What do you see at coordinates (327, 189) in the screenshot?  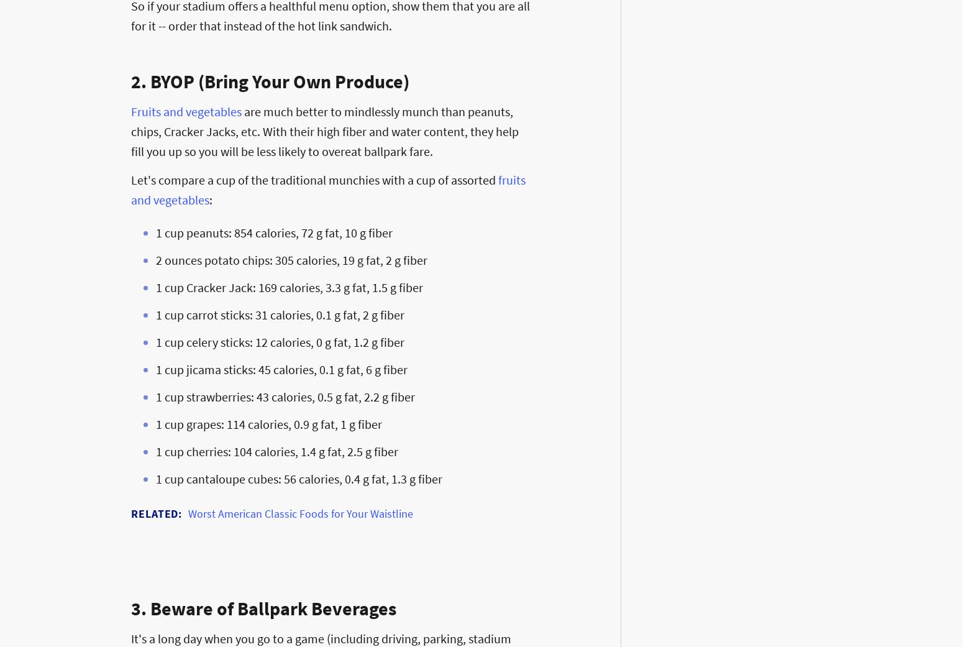 I see `'fruits and vegetables'` at bounding box center [327, 189].